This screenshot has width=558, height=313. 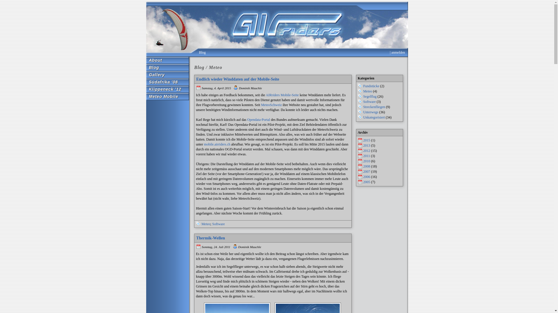 What do you see at coordinates (366, 140) in the screenshot?
I see `'2015'` at bounding box center [366, 140].